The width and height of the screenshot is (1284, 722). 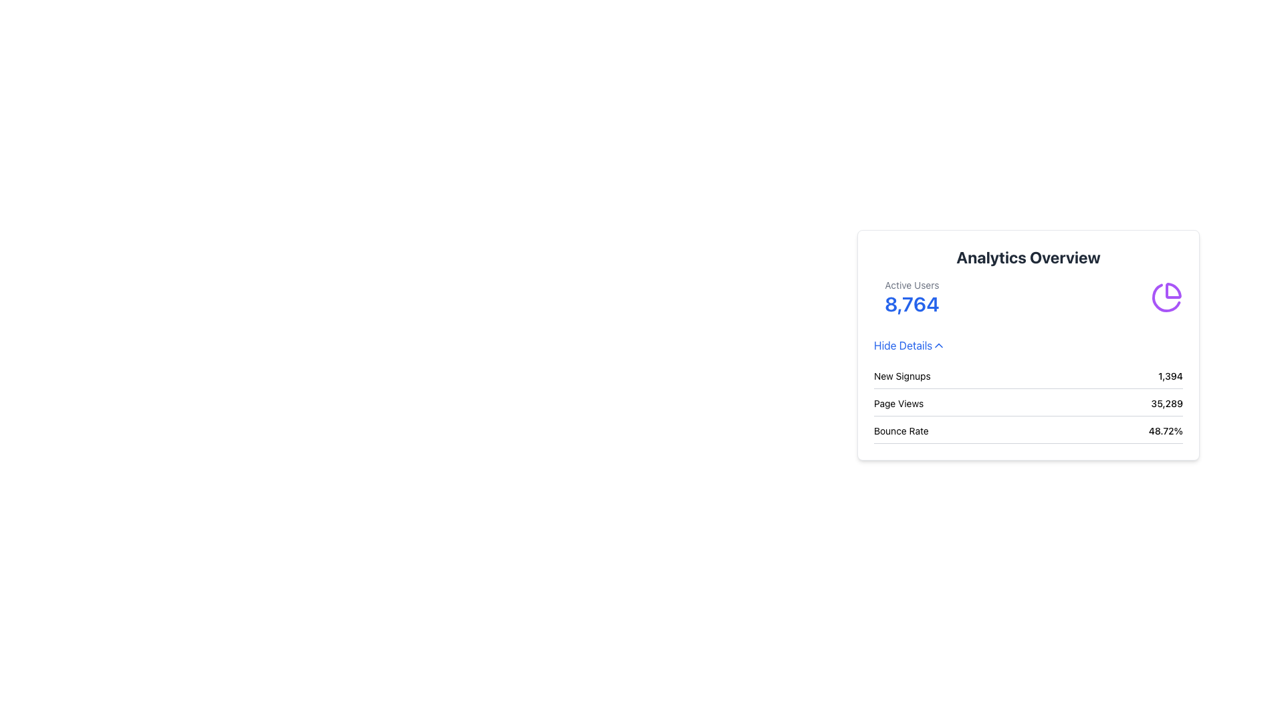 I want to click on the upward-pointing chevron icon with a thin blue outline, located immediately to the right of the 'Hide Details' text in the 'Analytics Overview' card for additional visual feedback, so click(x=938, y=344).